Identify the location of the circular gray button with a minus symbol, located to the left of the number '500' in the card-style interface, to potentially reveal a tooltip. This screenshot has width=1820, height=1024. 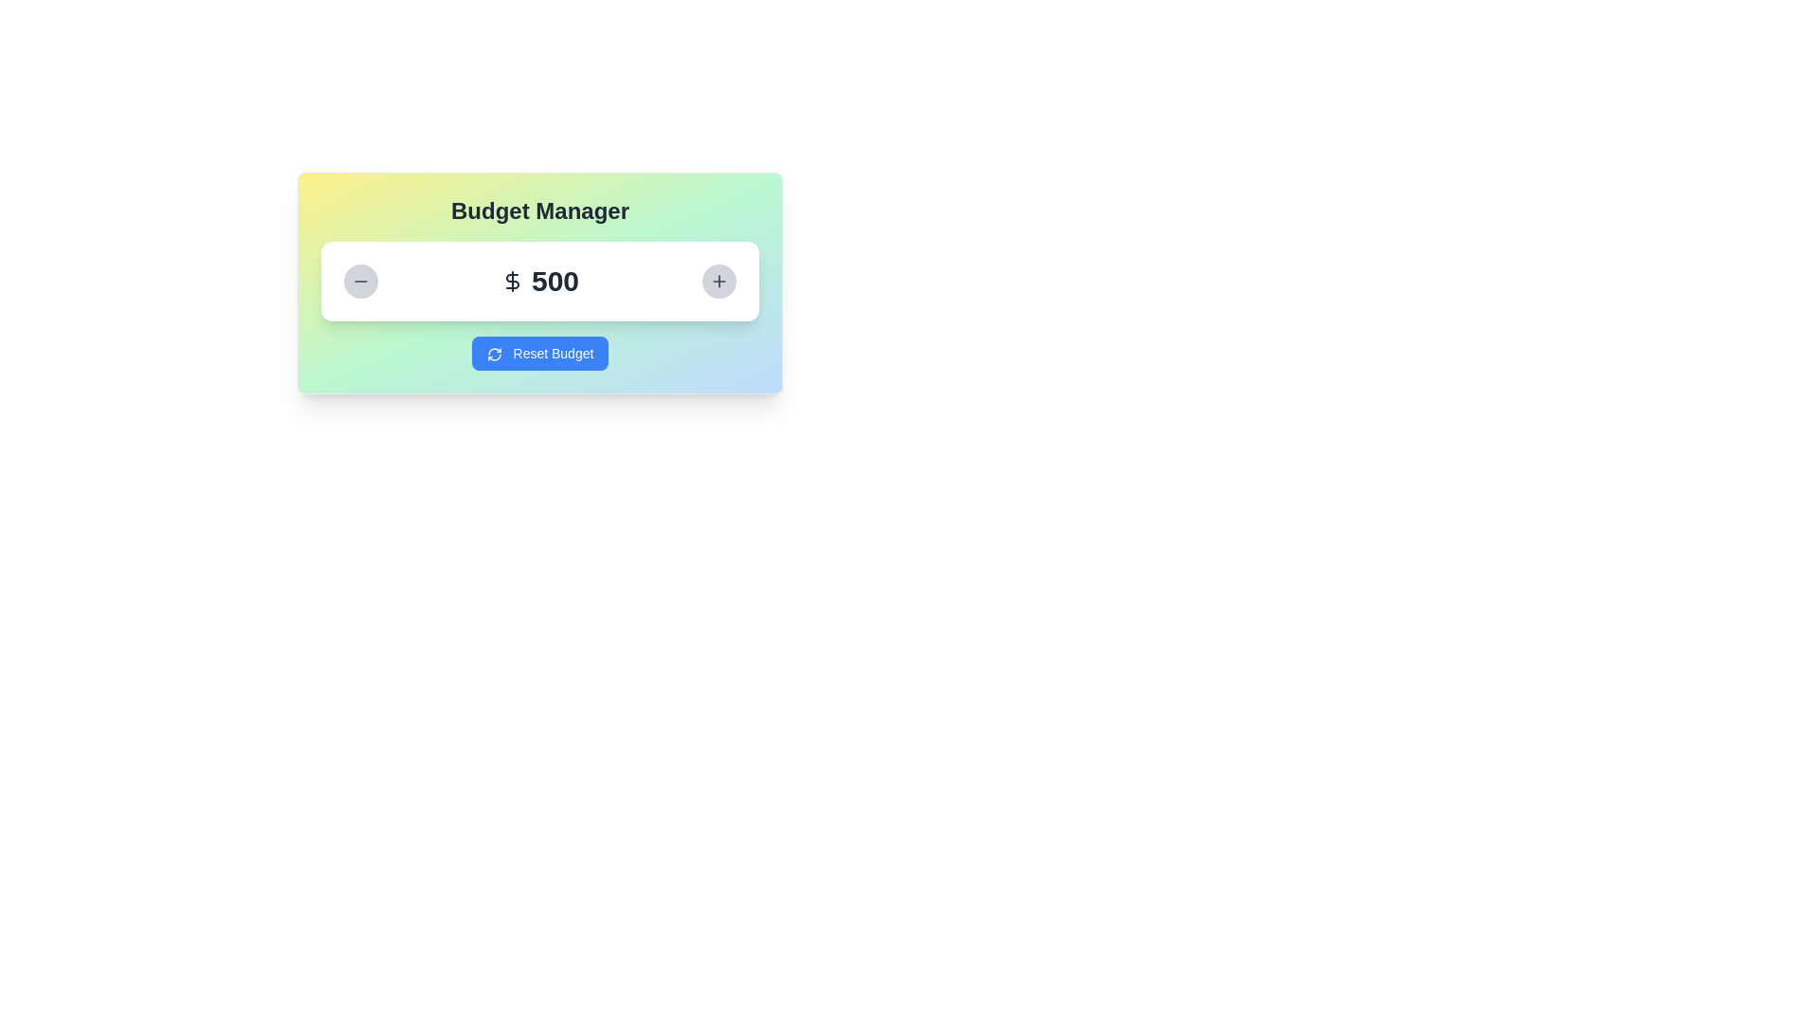
(360, 282).